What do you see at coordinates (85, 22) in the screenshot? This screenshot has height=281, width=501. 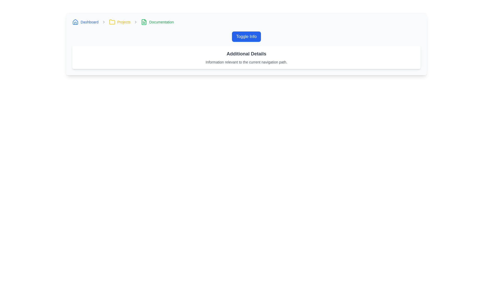 I see `the 'Dashboard' breadcrumb link` at bounding box center [85, 22].